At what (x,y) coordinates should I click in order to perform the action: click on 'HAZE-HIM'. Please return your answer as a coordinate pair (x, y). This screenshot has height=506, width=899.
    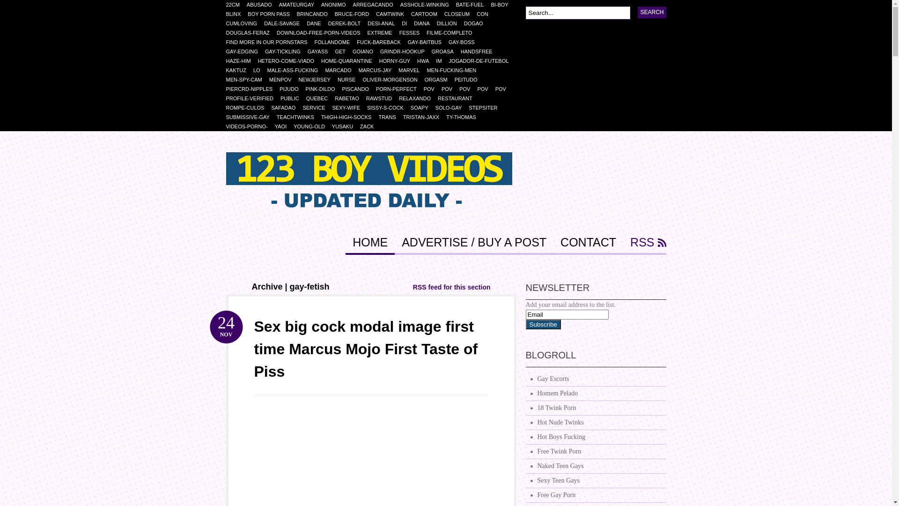
    Looking at the image, I should click on (241, 61).